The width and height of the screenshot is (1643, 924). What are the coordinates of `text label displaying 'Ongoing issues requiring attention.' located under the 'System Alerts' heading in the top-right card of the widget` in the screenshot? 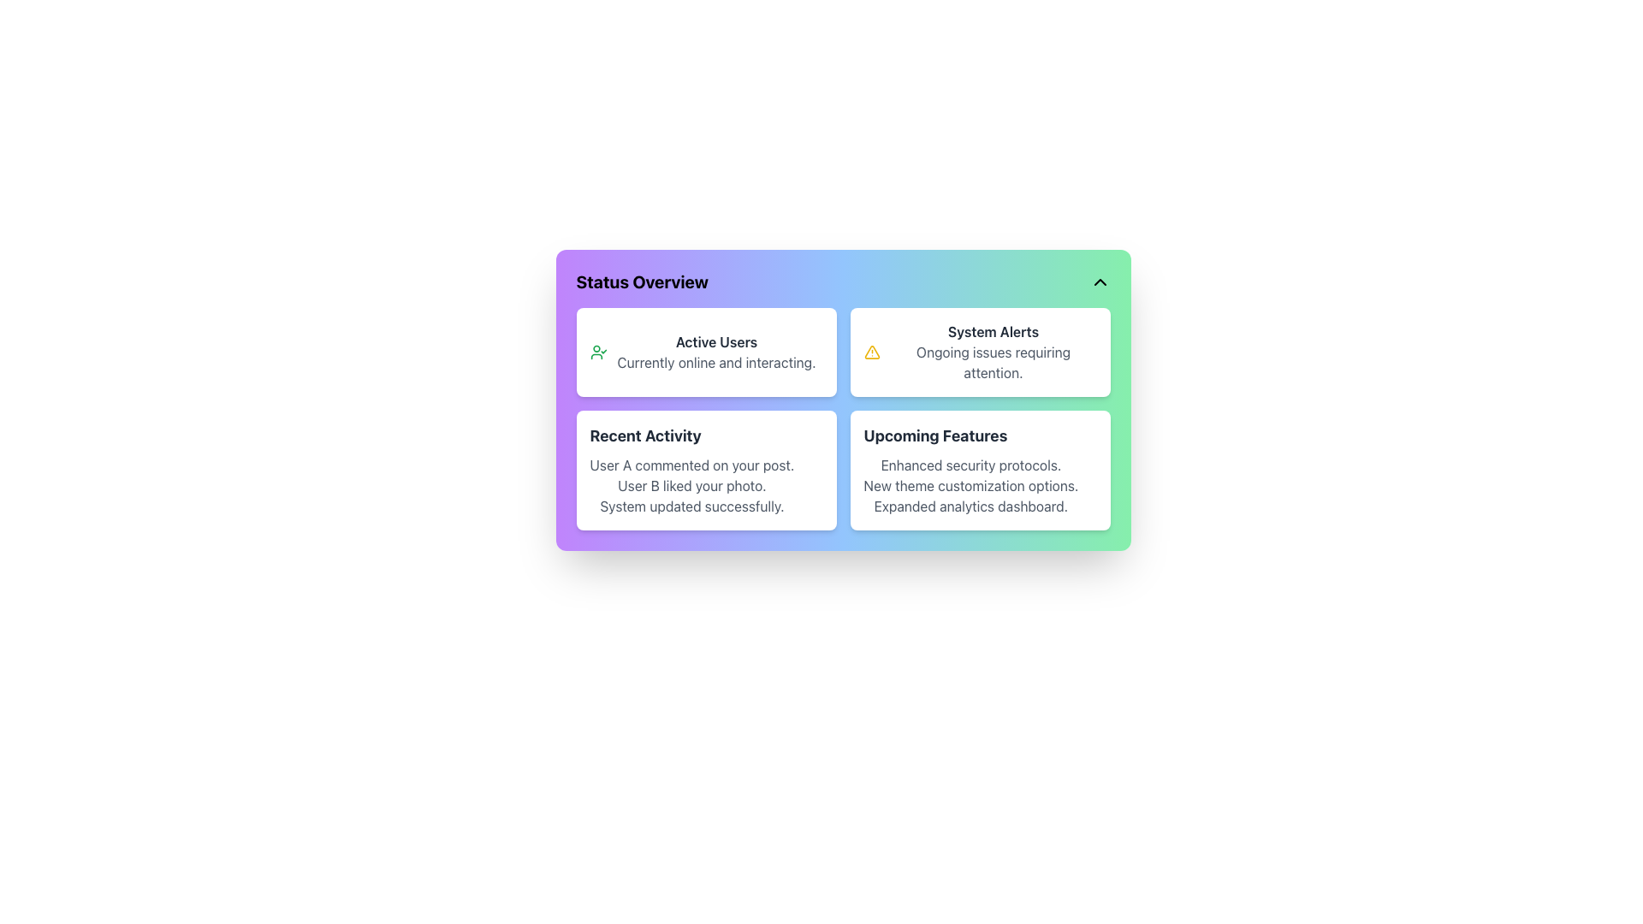 It's located at (994, 362).